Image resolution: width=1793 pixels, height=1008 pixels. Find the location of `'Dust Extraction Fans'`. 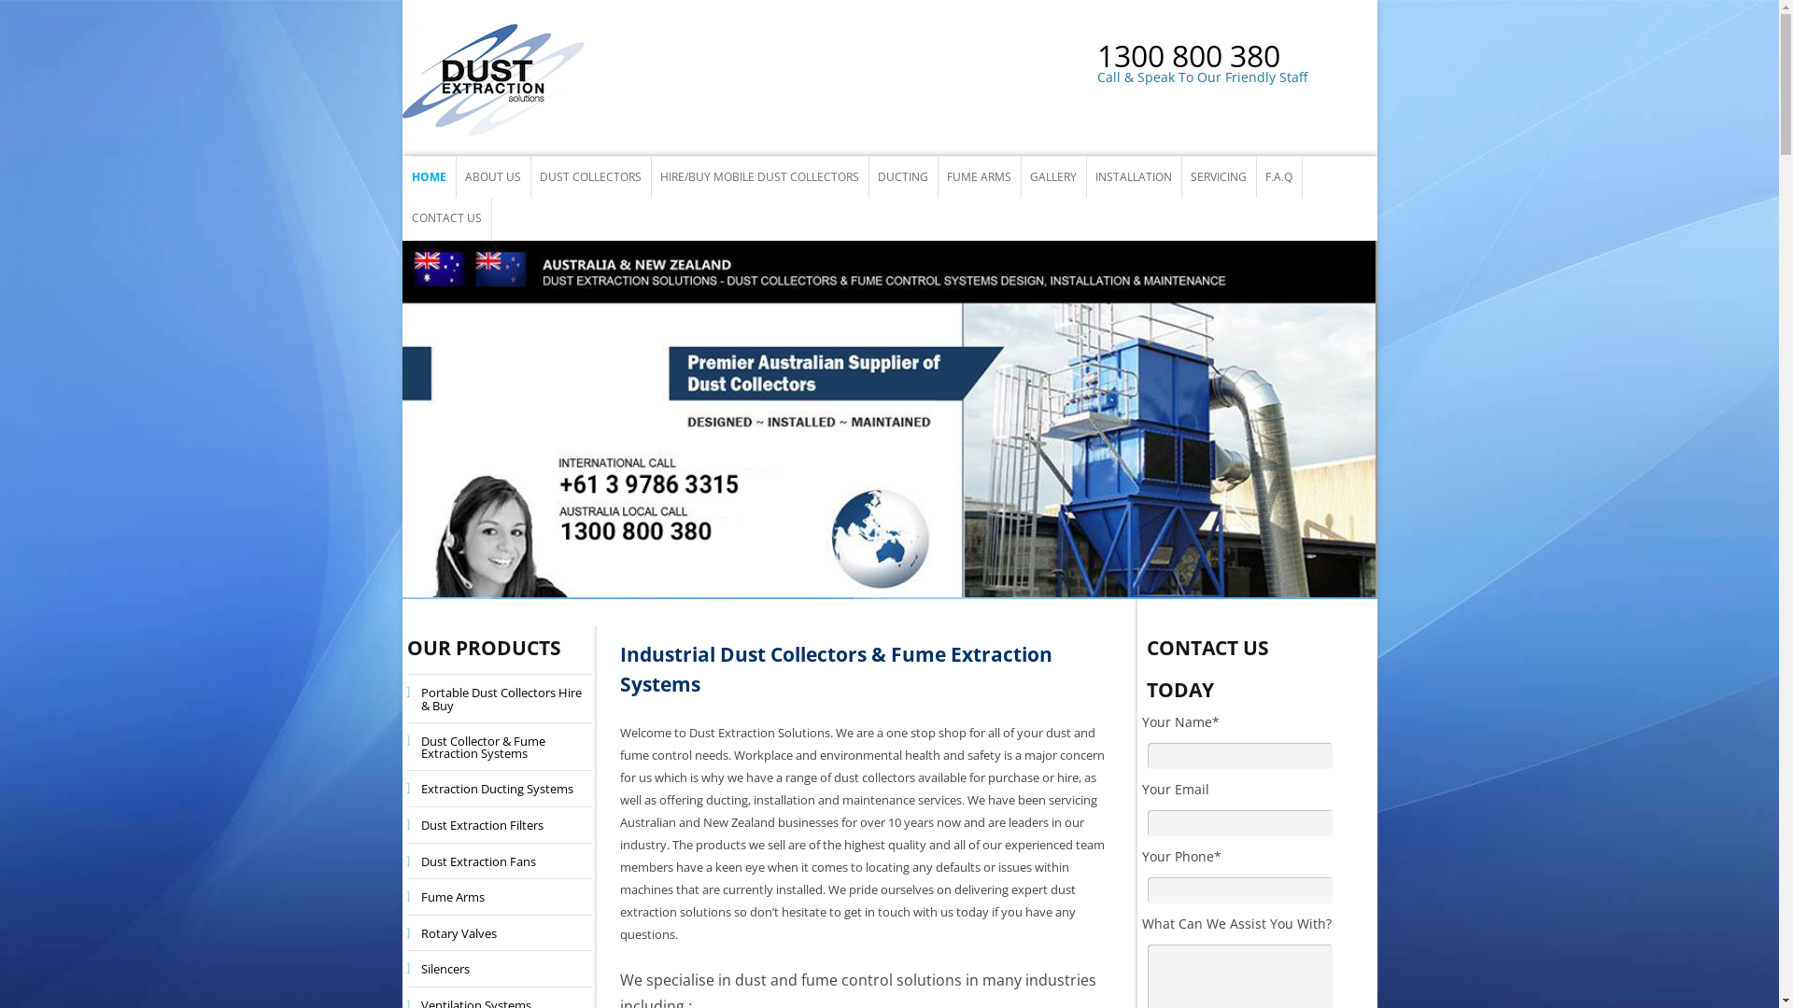

'Dust Extraction Fans' is located at coordinates (473, 861).